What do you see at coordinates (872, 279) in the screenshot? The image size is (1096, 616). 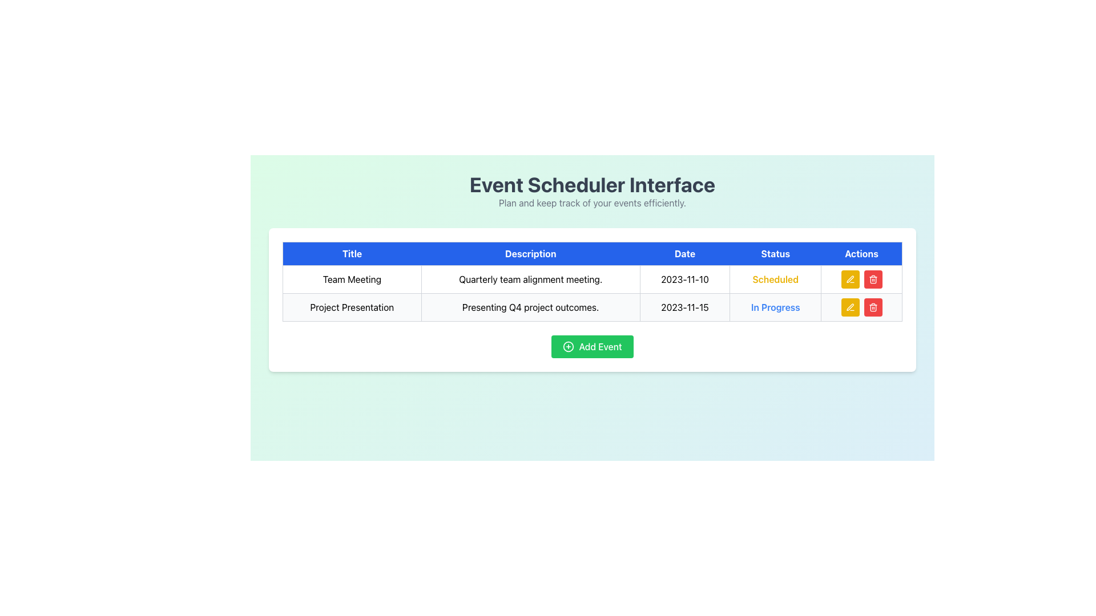 I see `the red square button with a trashcan icon` at bounding box center [872, 279].